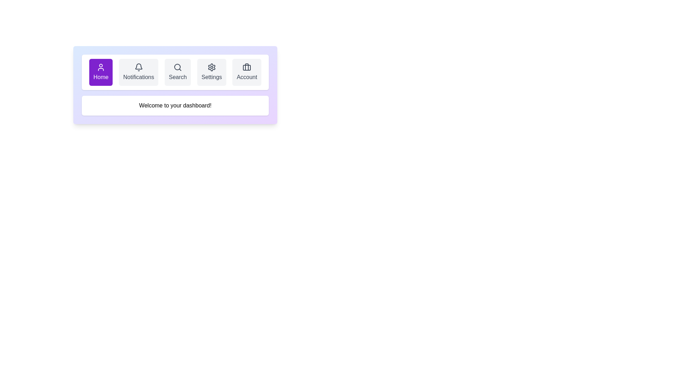 The width and height of the screenshot is (680, 383). Describe the element at coordinates (138, 67) in the screenshot. I see `the minimalist bell icon located in the navigation bar, directly above the 'Notifications' label` at that location.